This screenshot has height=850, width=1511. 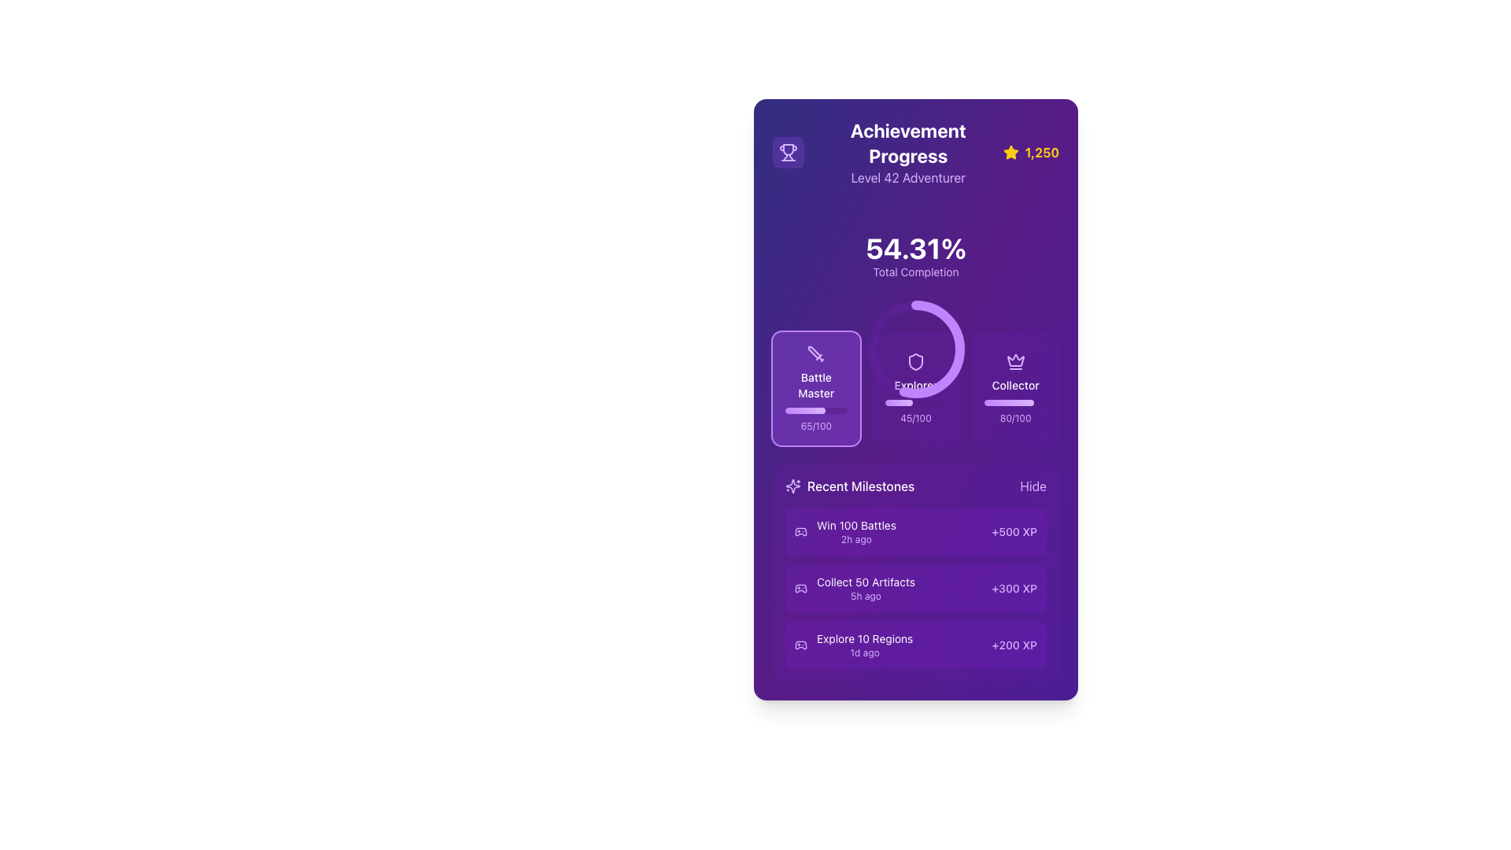 I want to click on the progress bar located in the 'Battle Master' section, styled with a gradient from light to darker purple, positioned directly below the title 'Battle Master', so click(x=816, y=409).